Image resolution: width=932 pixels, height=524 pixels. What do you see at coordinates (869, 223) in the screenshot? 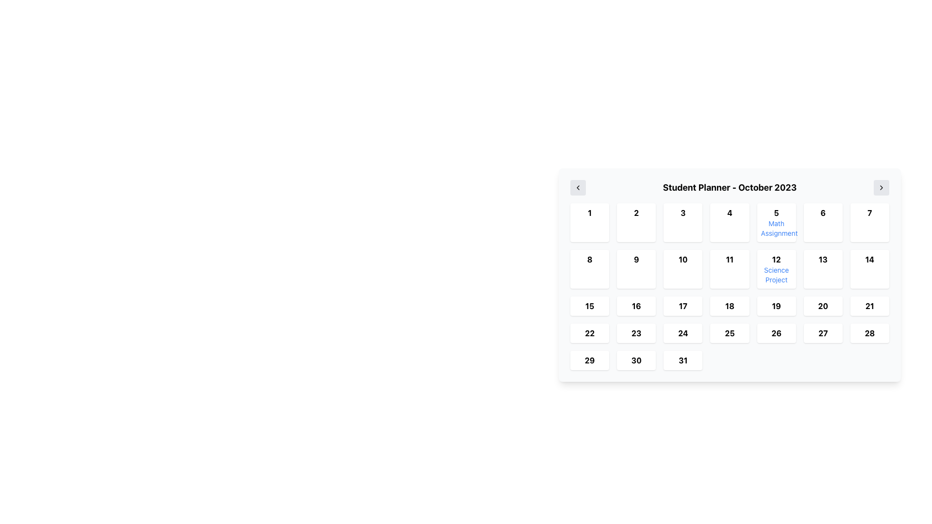
I see `the Calendar Day Box containing the number '7', which is the seventh item` at bounding box center [869, 223].